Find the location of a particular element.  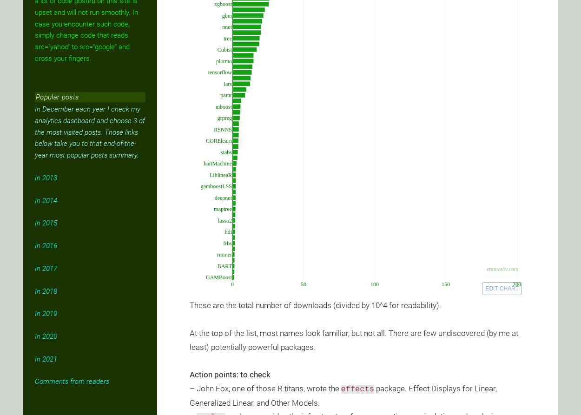

'Action points: to check' is located at coordinates (229, 374).